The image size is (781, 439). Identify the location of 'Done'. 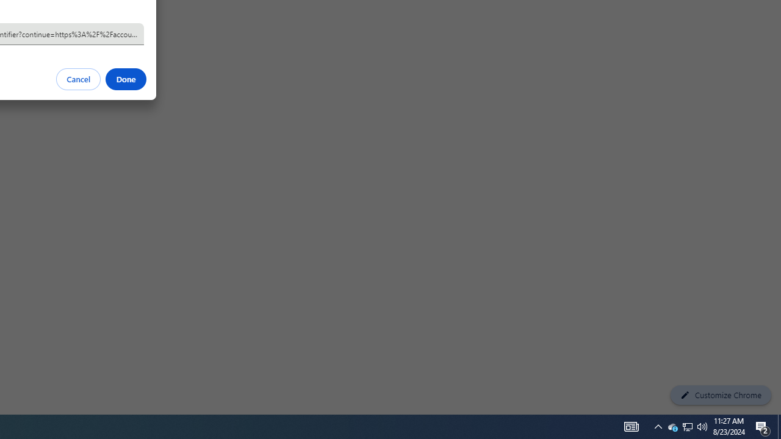
(126, 79).